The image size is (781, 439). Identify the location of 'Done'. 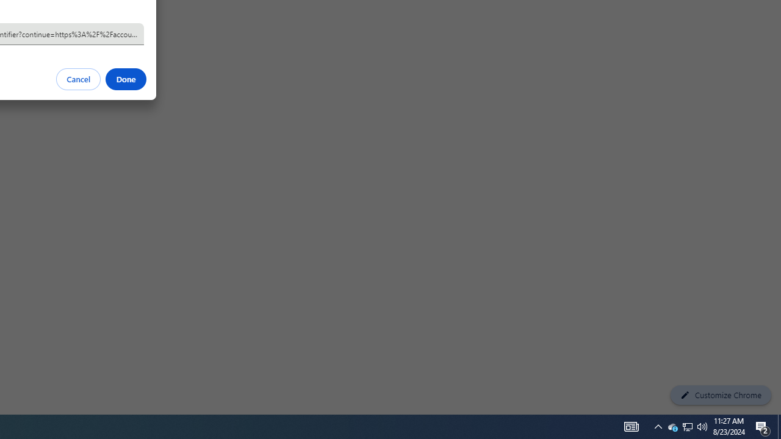
(126, 79).